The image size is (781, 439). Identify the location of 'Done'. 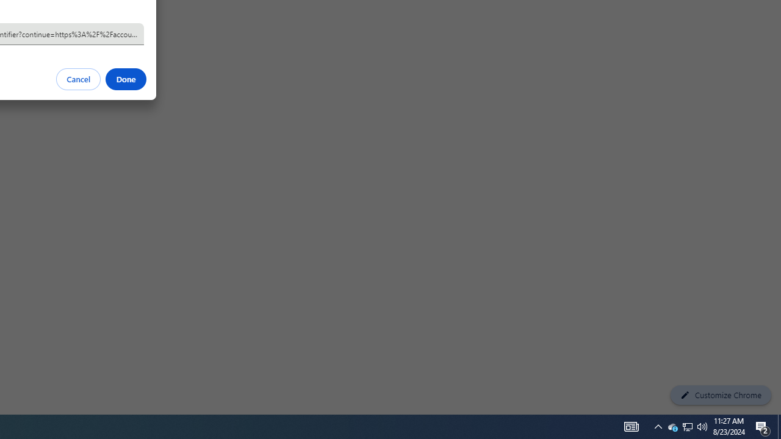
(126, 79).